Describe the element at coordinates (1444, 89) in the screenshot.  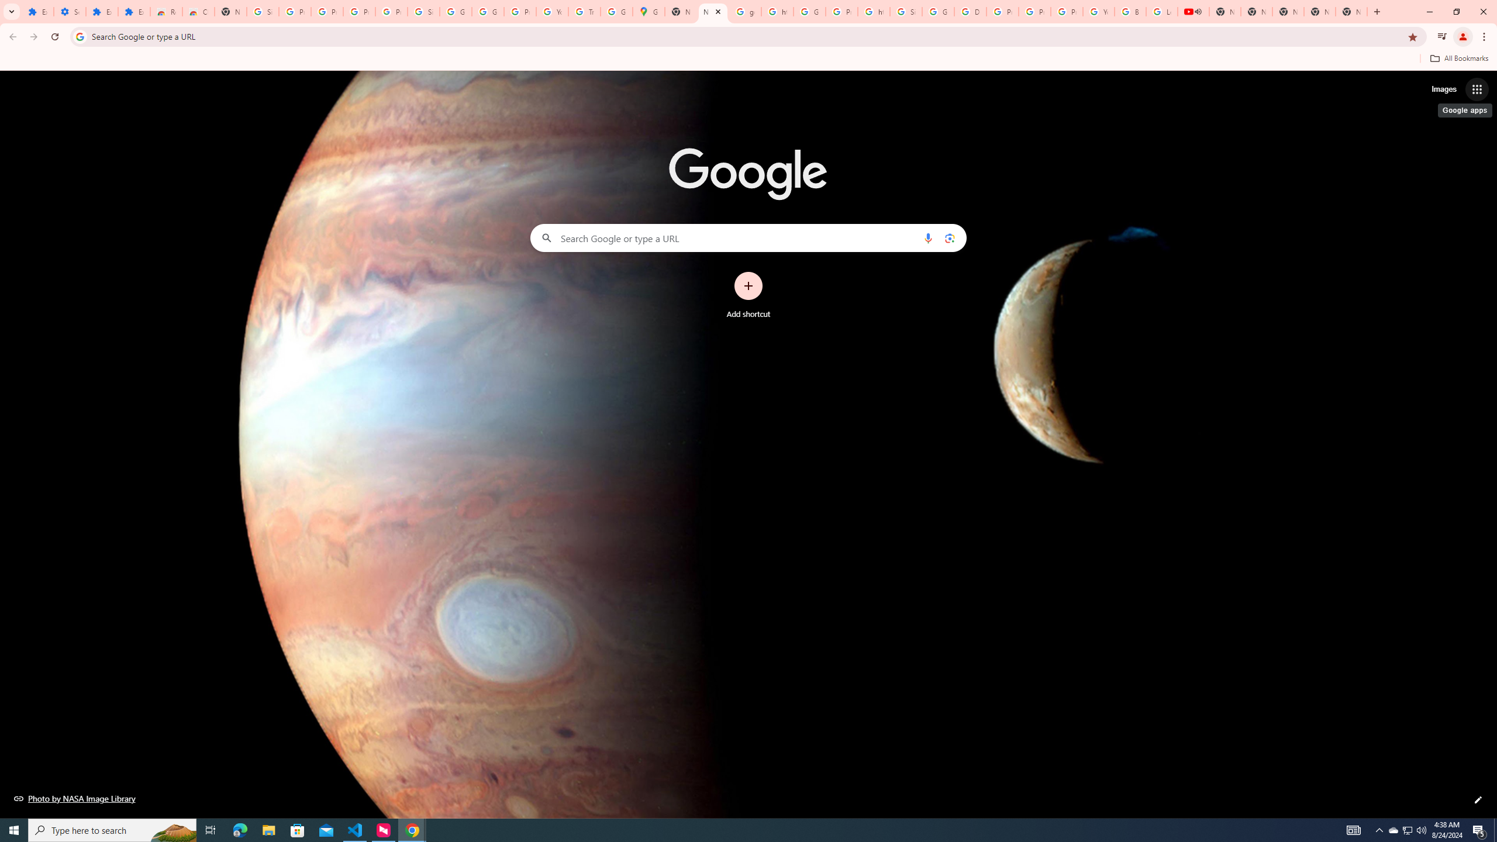
I see `'Search for Images '` at that location.